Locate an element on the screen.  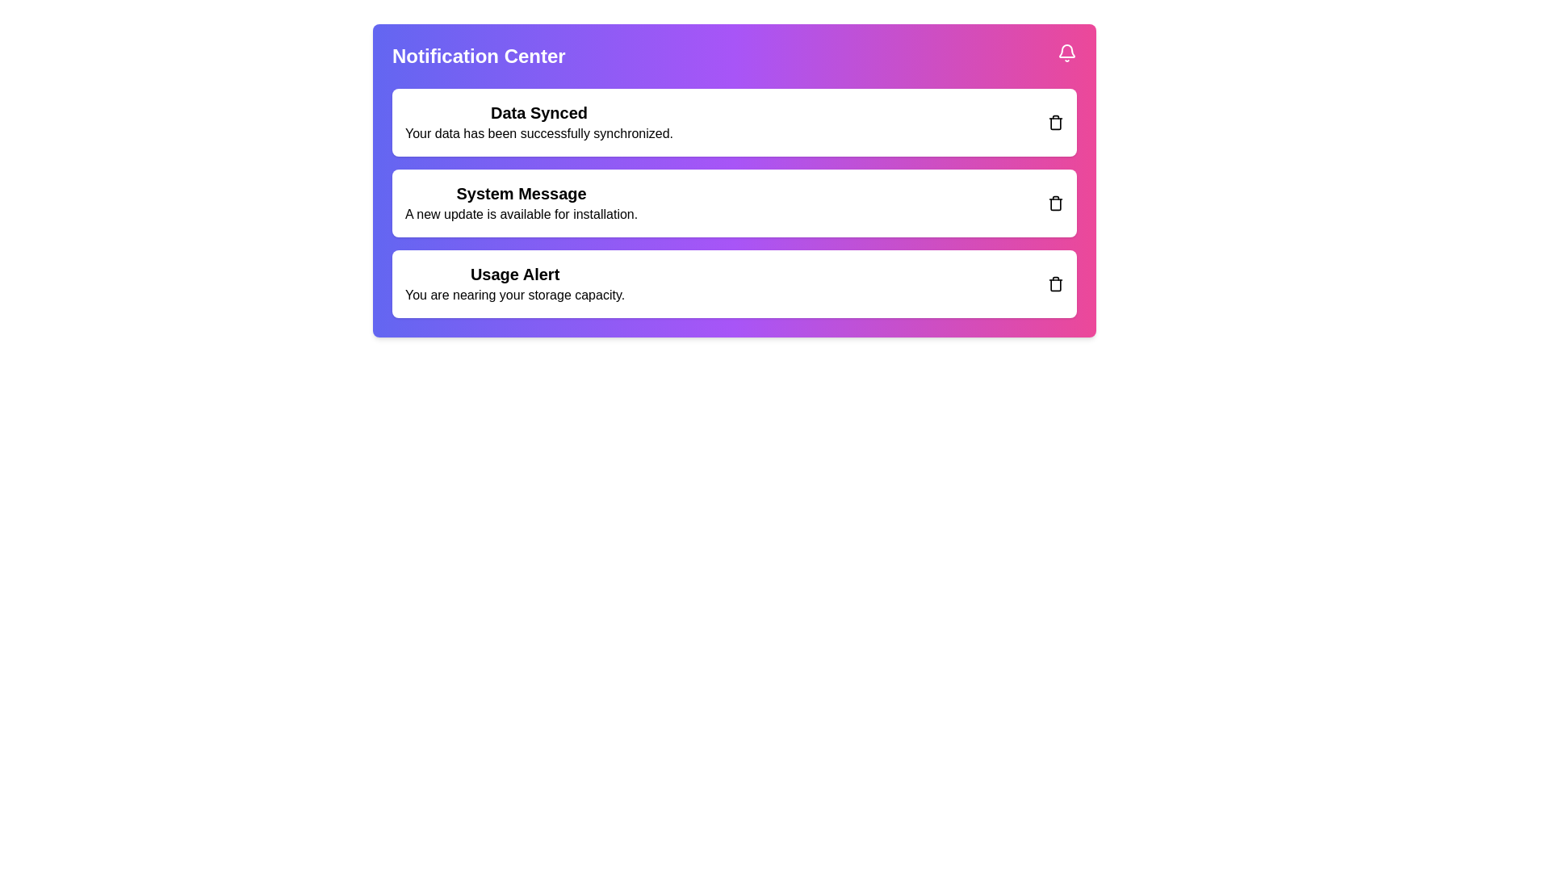
the delete button located at the top right corner of the second notification card labeled 'System Message' is located at coordinates (1056, 202).